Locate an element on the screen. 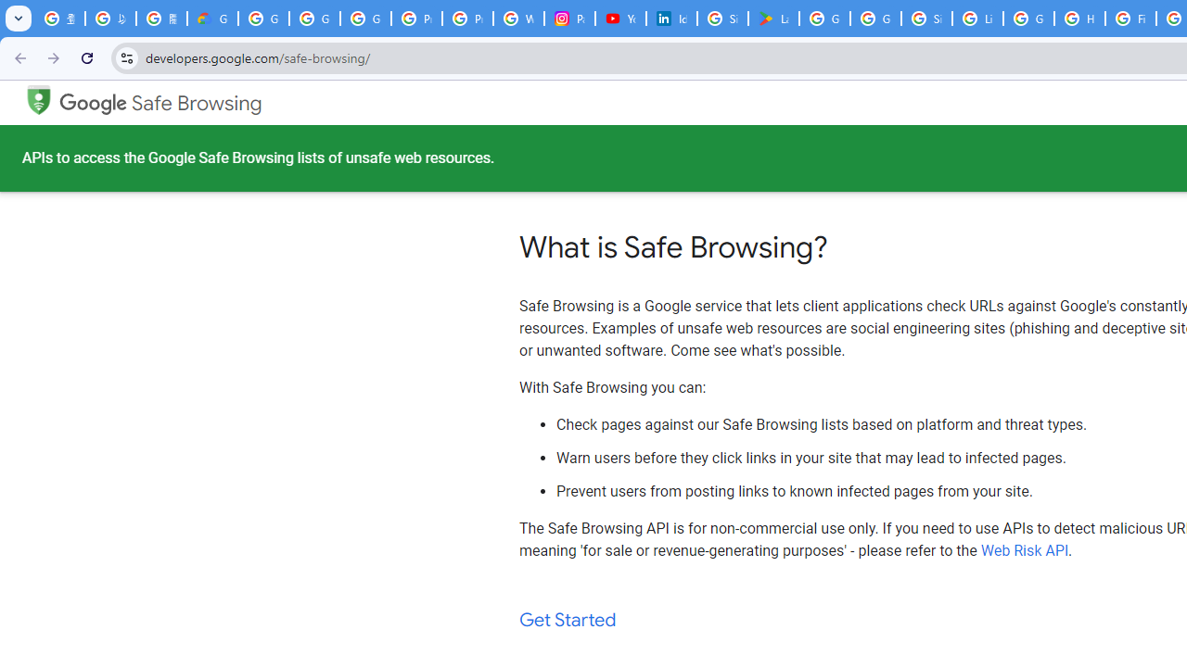 This screenshot has height=667, width=1187. 'How do I create a new Google Account? - Google Account Help' is located at coordinates (1079, 19).